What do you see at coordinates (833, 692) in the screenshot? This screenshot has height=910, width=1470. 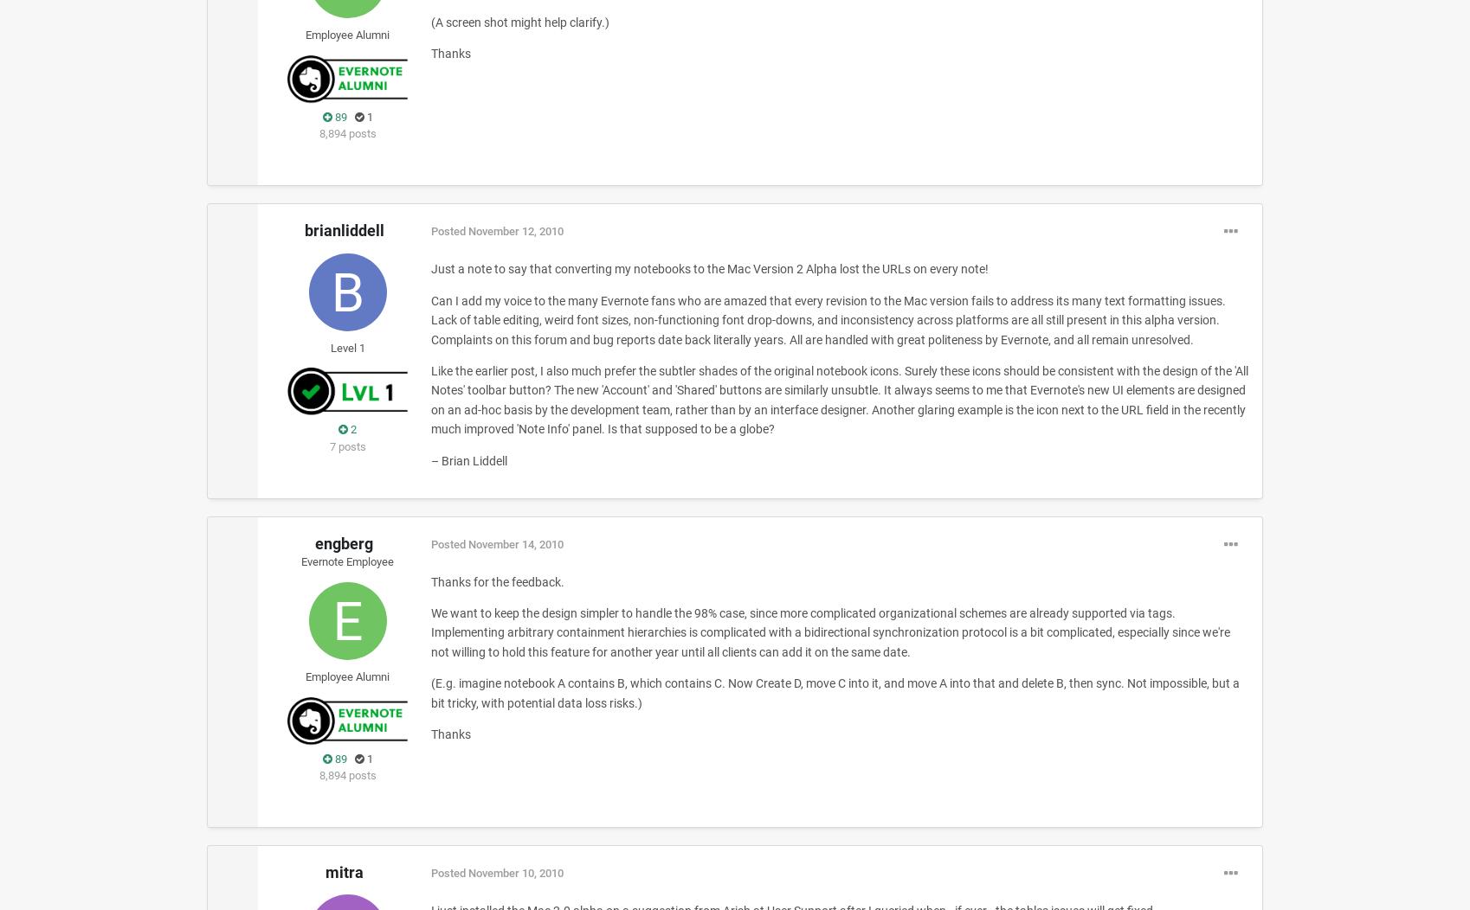 I see `'(E.g. imagine notebook A contains B, which contains C.  Now Create D, move C into it, and move A into that and delete B, then sync.  Not impossible, but a bit tricky, with potential data loss risks.)'` at bounding box center [833, 692].